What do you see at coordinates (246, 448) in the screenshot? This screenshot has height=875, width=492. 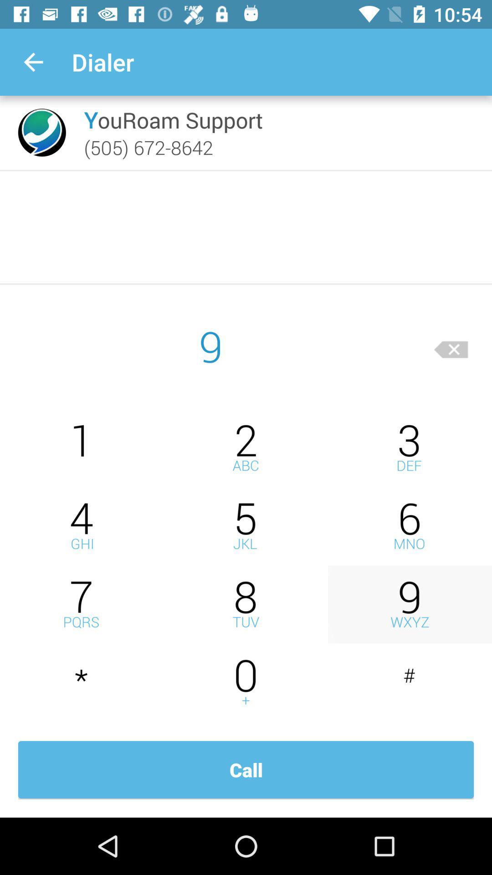 I see `press 2` at bounding box center [246, 448].